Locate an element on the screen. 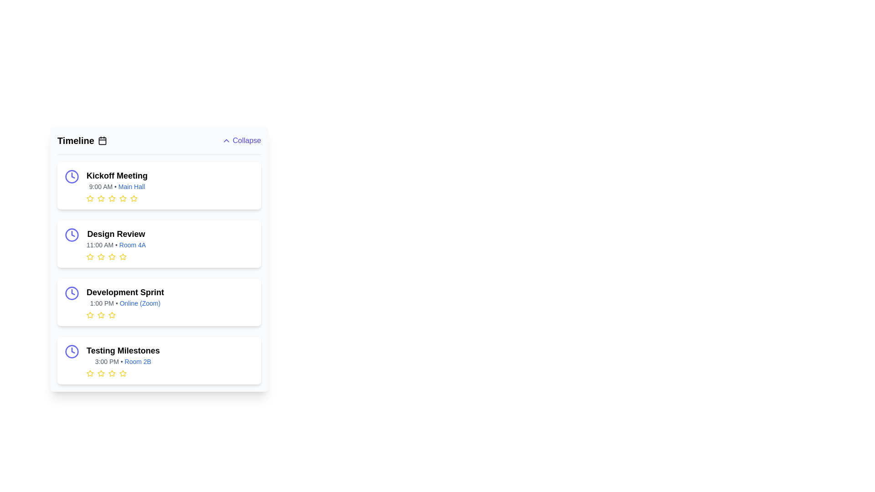 This screenshot has height=492, width=875. the clock hands icon element, which is part of the timeline feature indicating time, located centrally within the clock face adjacent to the 'Kickoff Meeting' label is located at coordinates (73, 350).